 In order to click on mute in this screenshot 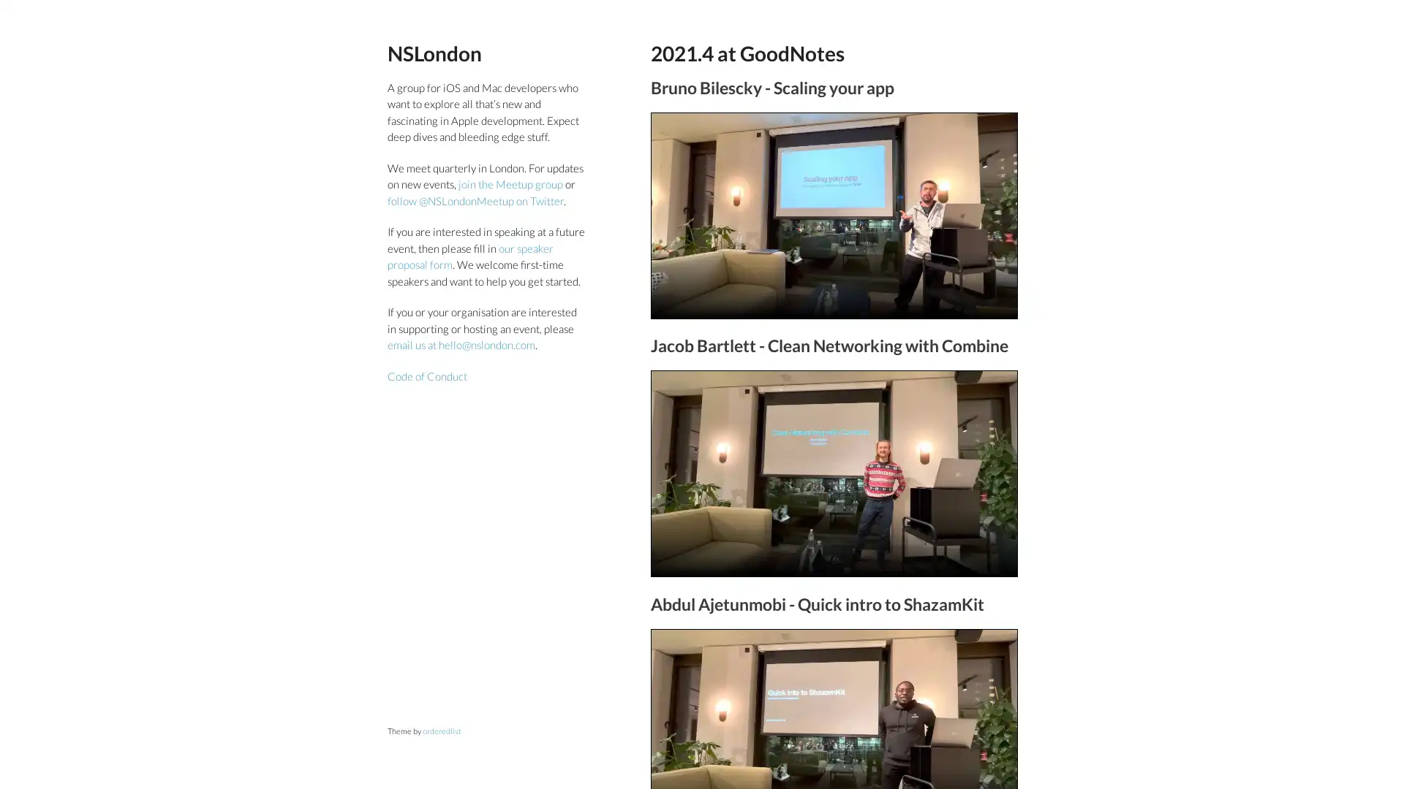, I will do `click(929, 282)`.